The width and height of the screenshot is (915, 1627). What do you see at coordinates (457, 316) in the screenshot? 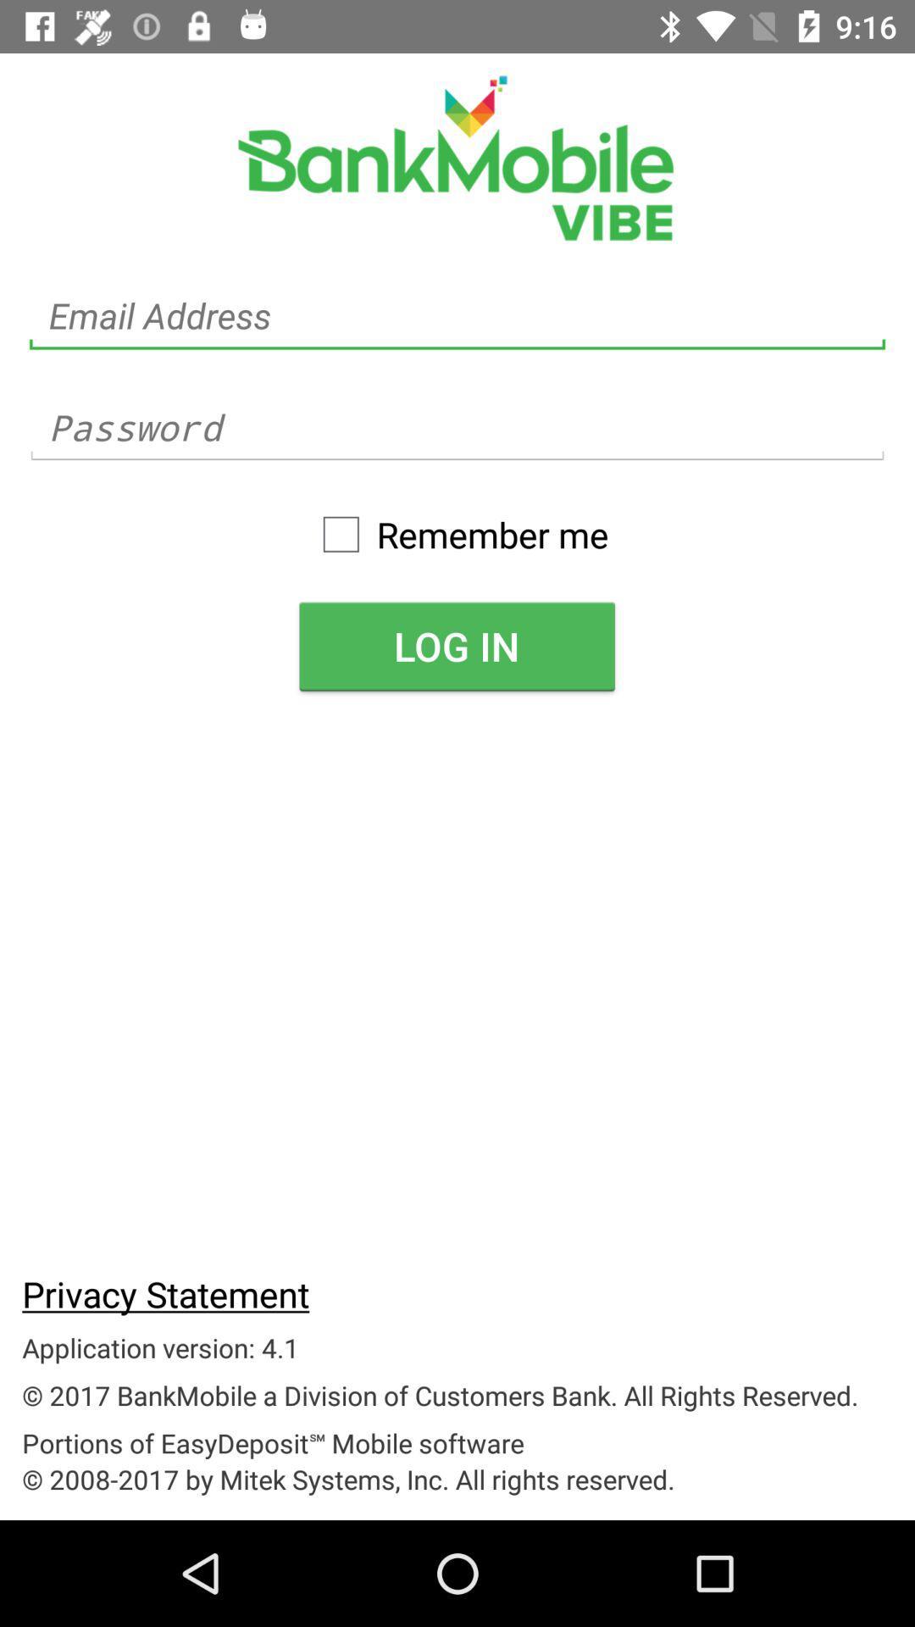
I see `email address` at bounding box center [457, 316].